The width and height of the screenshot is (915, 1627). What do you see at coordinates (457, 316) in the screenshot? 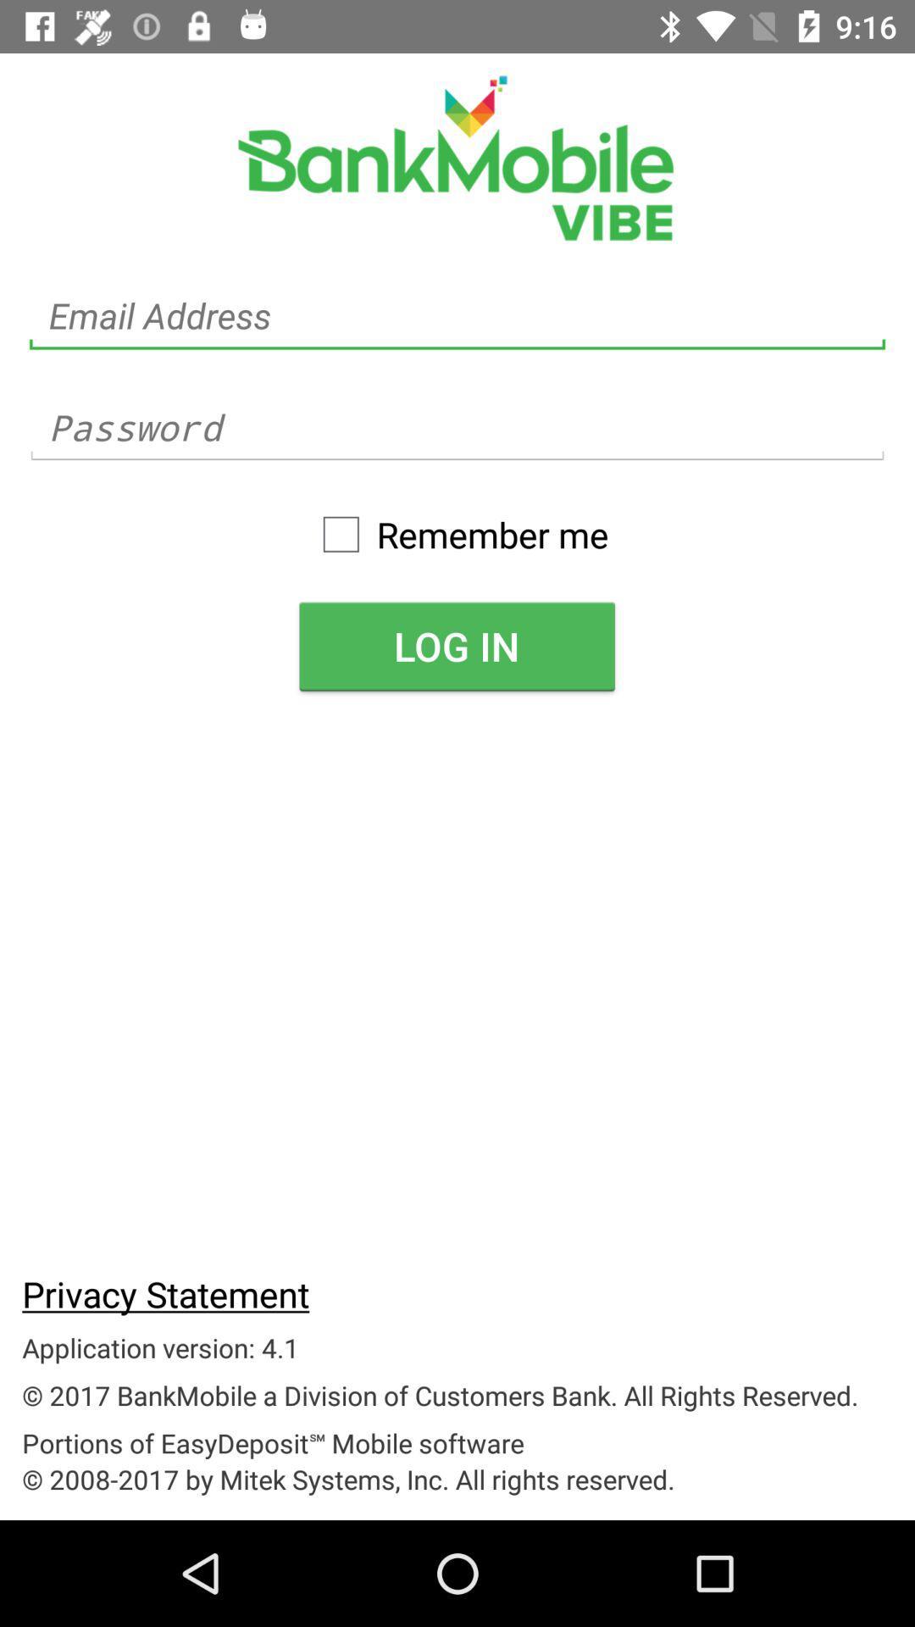
I see `email address` at bounding box center [457, 316].